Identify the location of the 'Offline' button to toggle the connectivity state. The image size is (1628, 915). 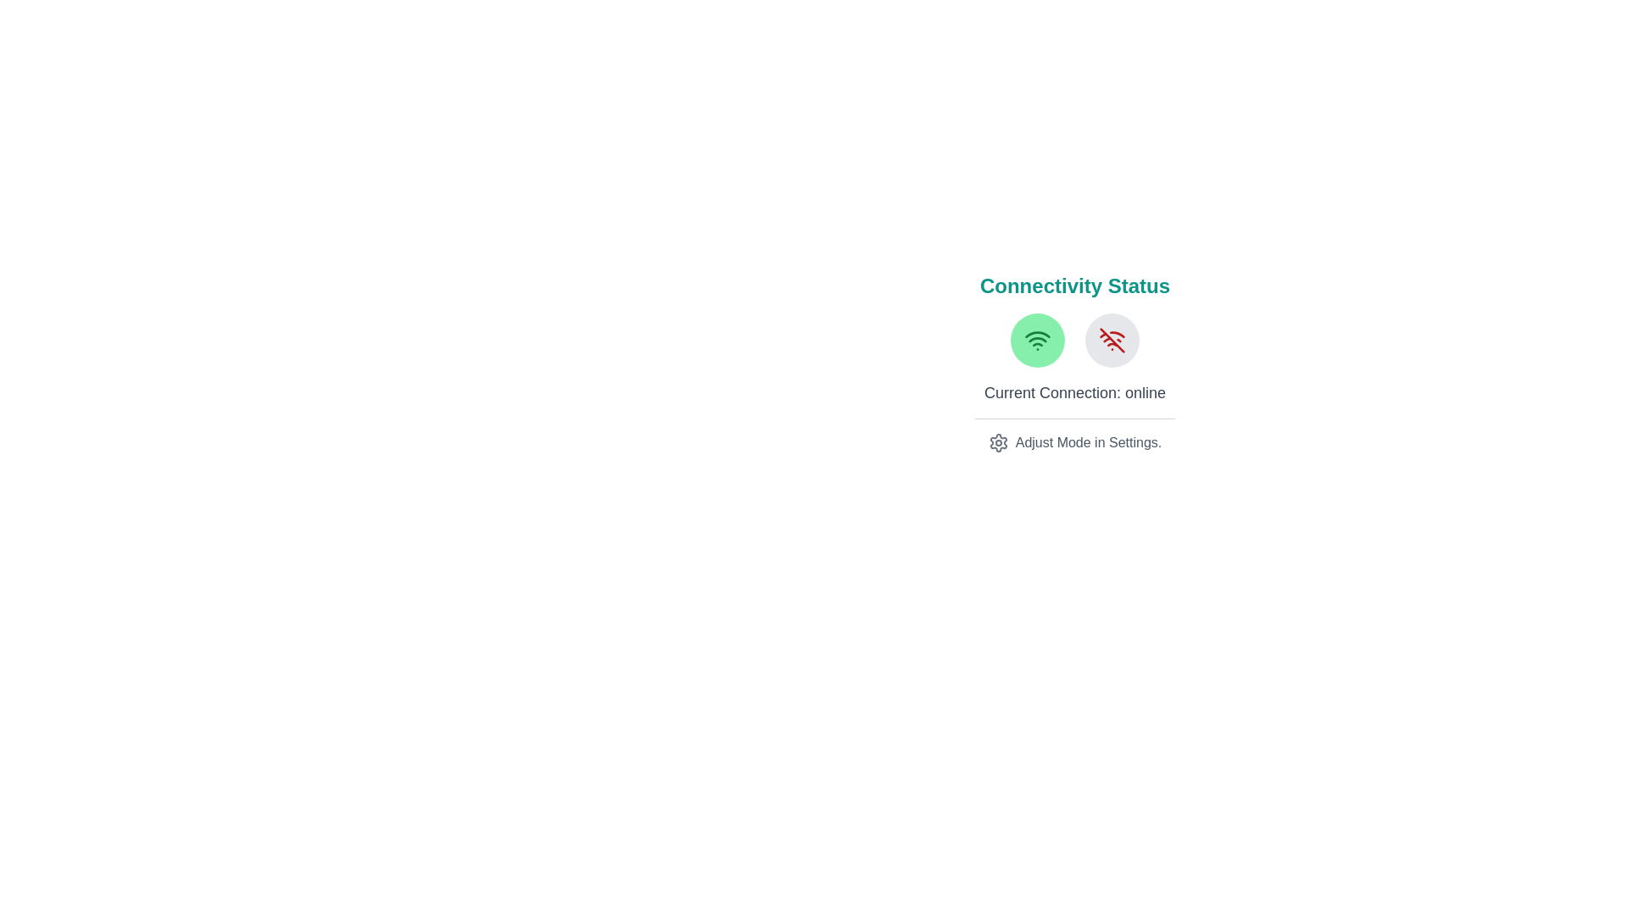
(1112, 340).